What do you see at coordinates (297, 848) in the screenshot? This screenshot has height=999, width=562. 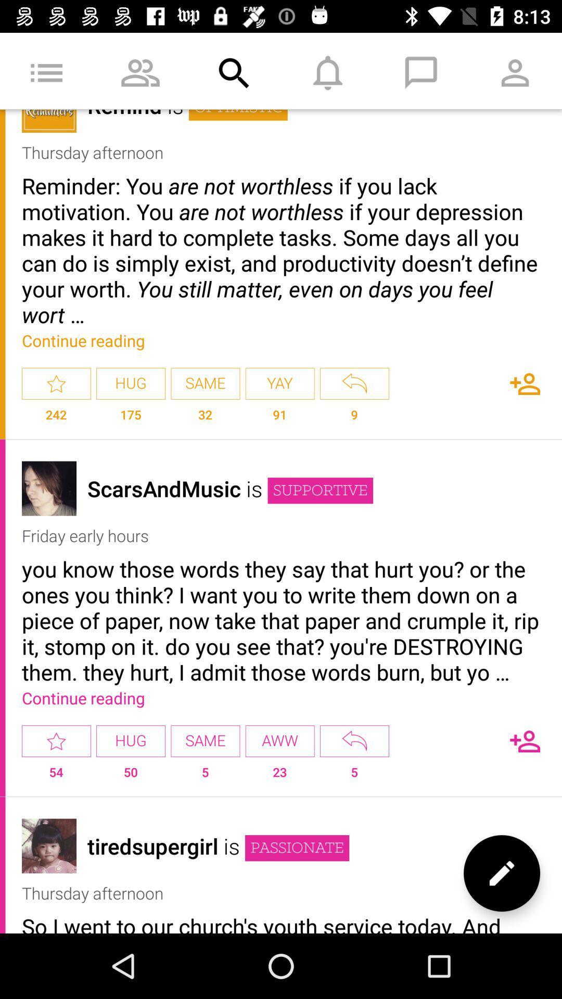 I see `the item next to is` at bounding box center [297, 848].